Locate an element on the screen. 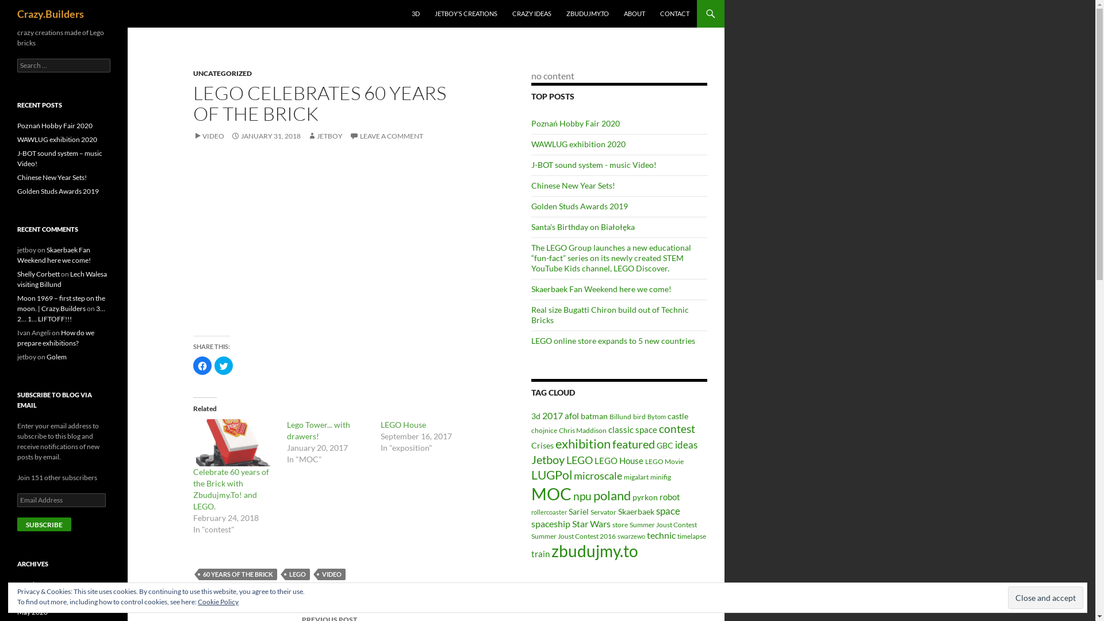 This screenshot has height=621, width=1104. 'Bytom' is located at coordinates (657, 416).